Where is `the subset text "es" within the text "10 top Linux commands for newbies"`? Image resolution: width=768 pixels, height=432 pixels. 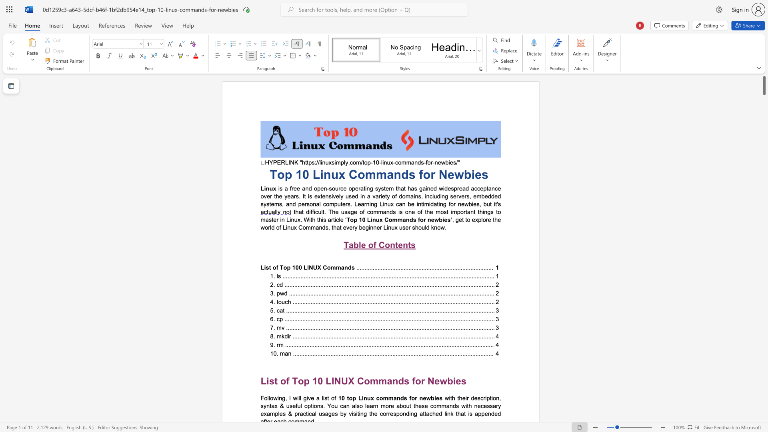 the subset text "es" within the text "10 top Linux commands for newbies" is located at coordinates (435, 398).